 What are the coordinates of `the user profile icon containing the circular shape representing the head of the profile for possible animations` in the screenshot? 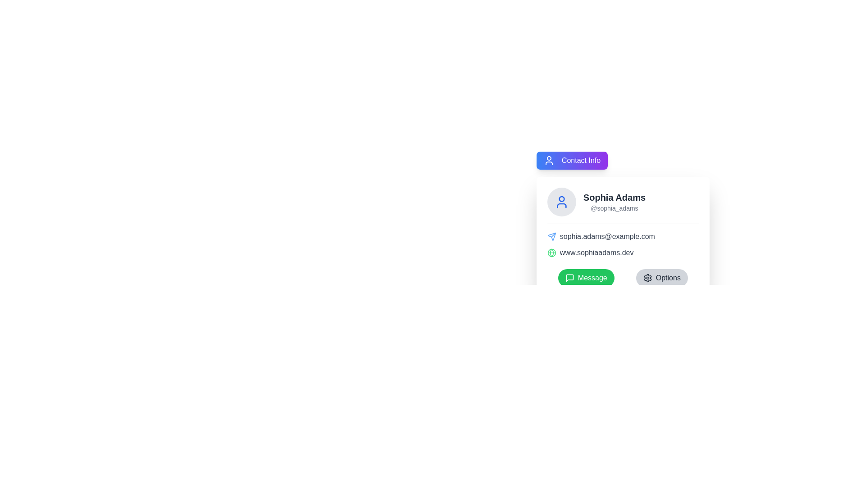 It's located at (561, 198).